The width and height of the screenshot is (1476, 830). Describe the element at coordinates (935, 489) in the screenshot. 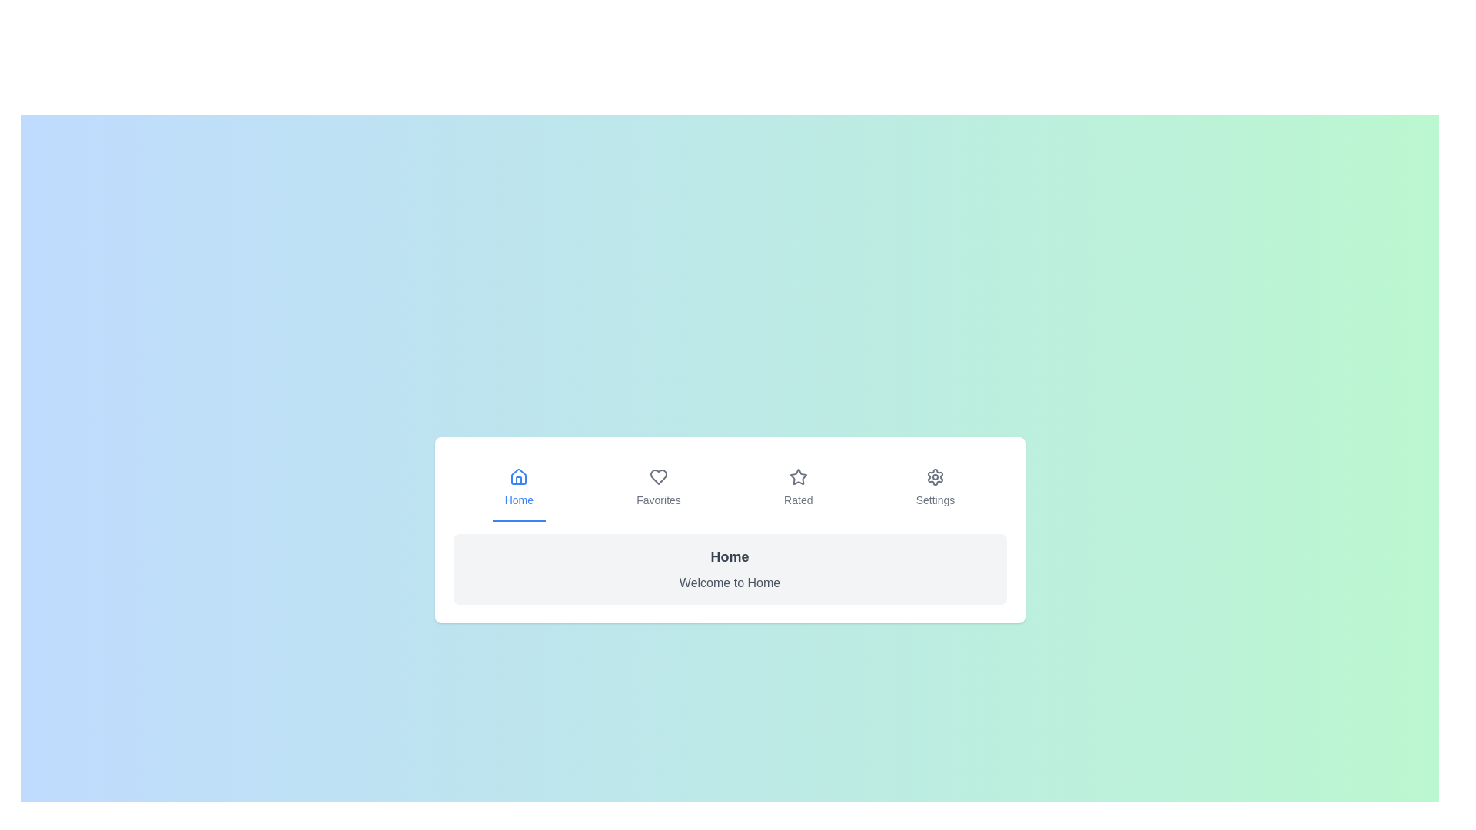

I see `the tab labeled Settings` at that location.